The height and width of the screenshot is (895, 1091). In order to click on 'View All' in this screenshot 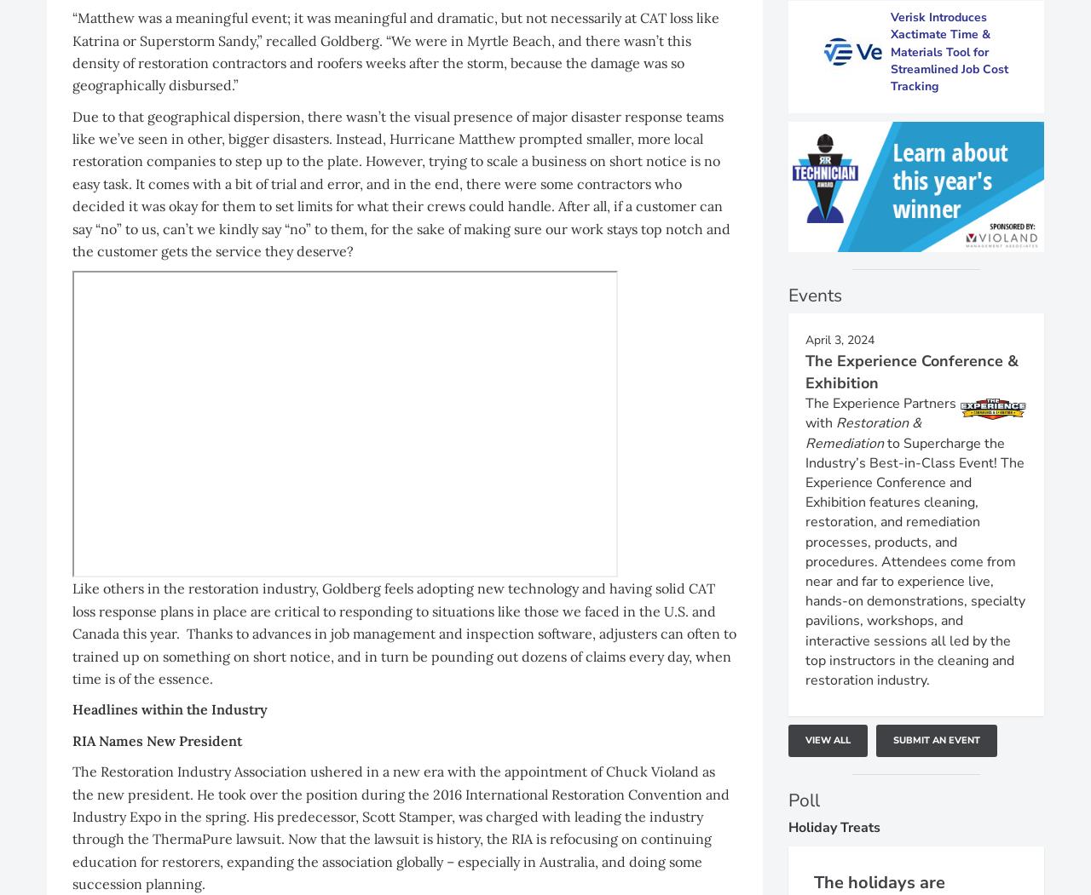, I will do `click(828, 739)`.